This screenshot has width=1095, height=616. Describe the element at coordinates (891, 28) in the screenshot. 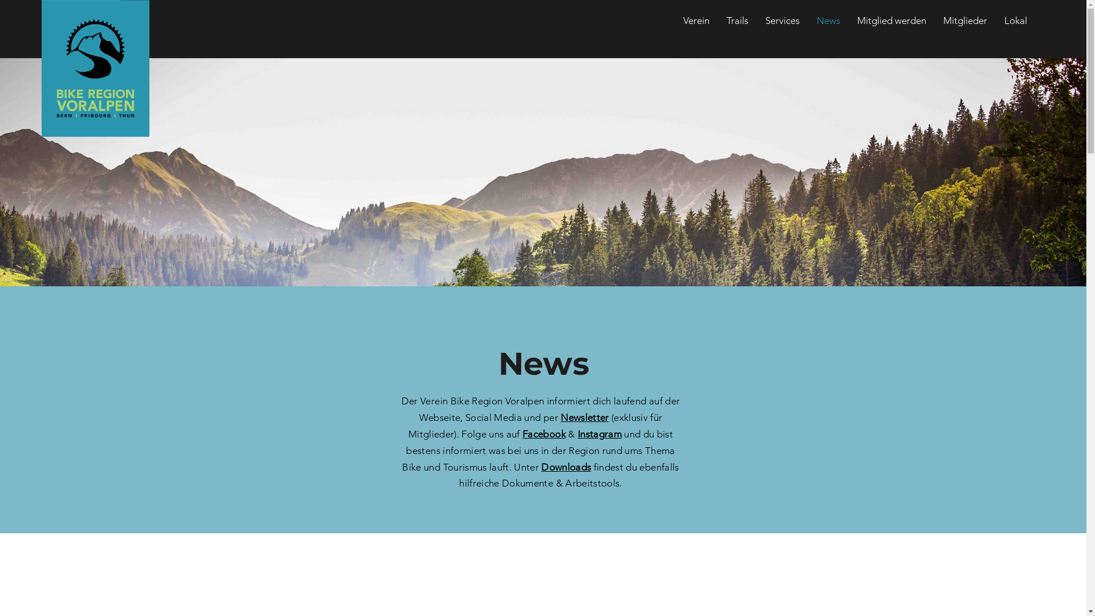

I see `'Mitglied werden'` at that location.